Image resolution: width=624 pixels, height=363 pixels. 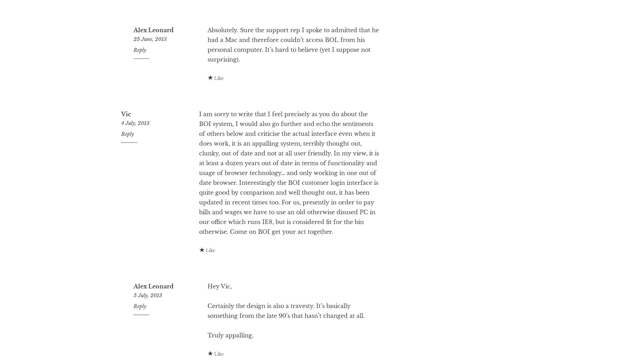 What do you see at coordinates (126, 141) in the screenshot?
I see `'Vic'` at bounding box center [126, 141].